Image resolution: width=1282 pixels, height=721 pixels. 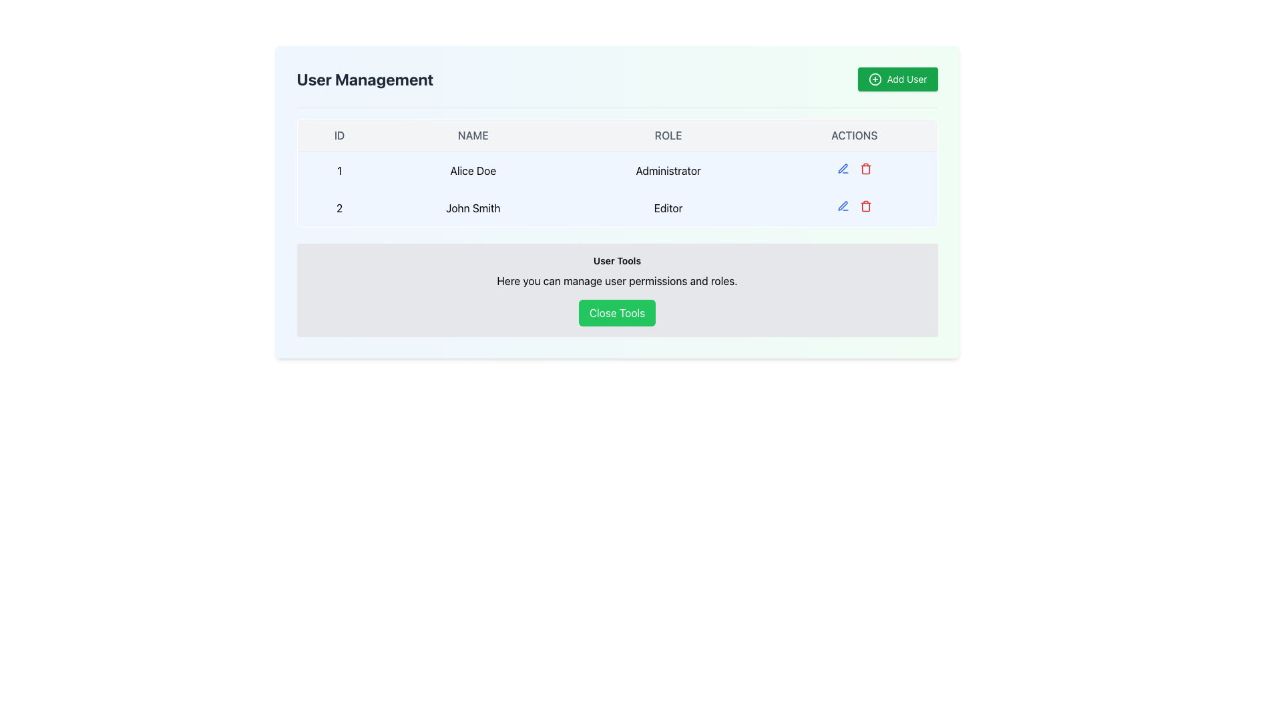 I want to click on the 'NAME' label, which is the second column header in a table, displaying uppercase text in a medium-weight, gray font, so click(x=473, y=136).